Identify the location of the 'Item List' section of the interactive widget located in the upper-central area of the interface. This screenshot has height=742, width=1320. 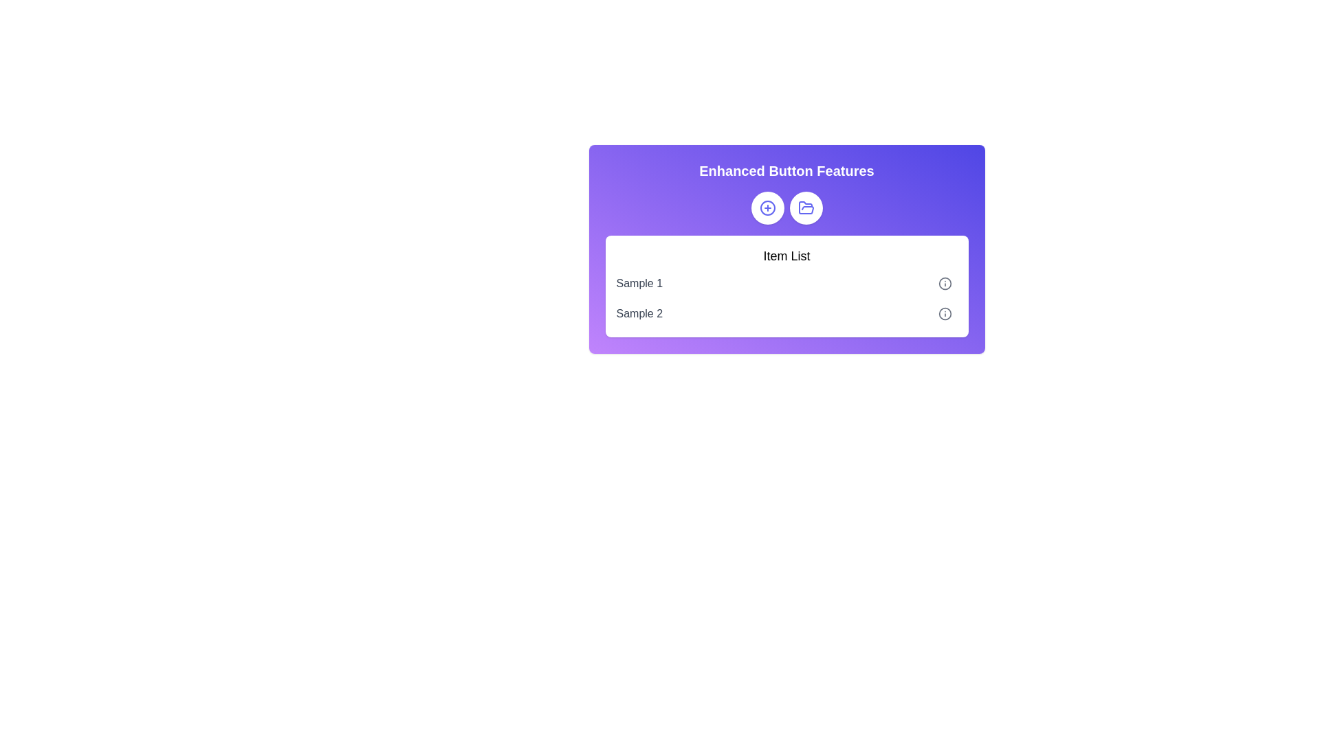
(786, 249).